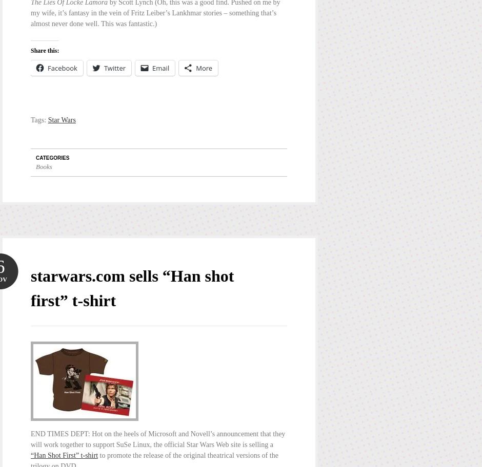  What do you see at coordinates (30, 454) in the screenshot?
I see `'“Han Shot First” t-shirt'` at bounding box center [30, 454].